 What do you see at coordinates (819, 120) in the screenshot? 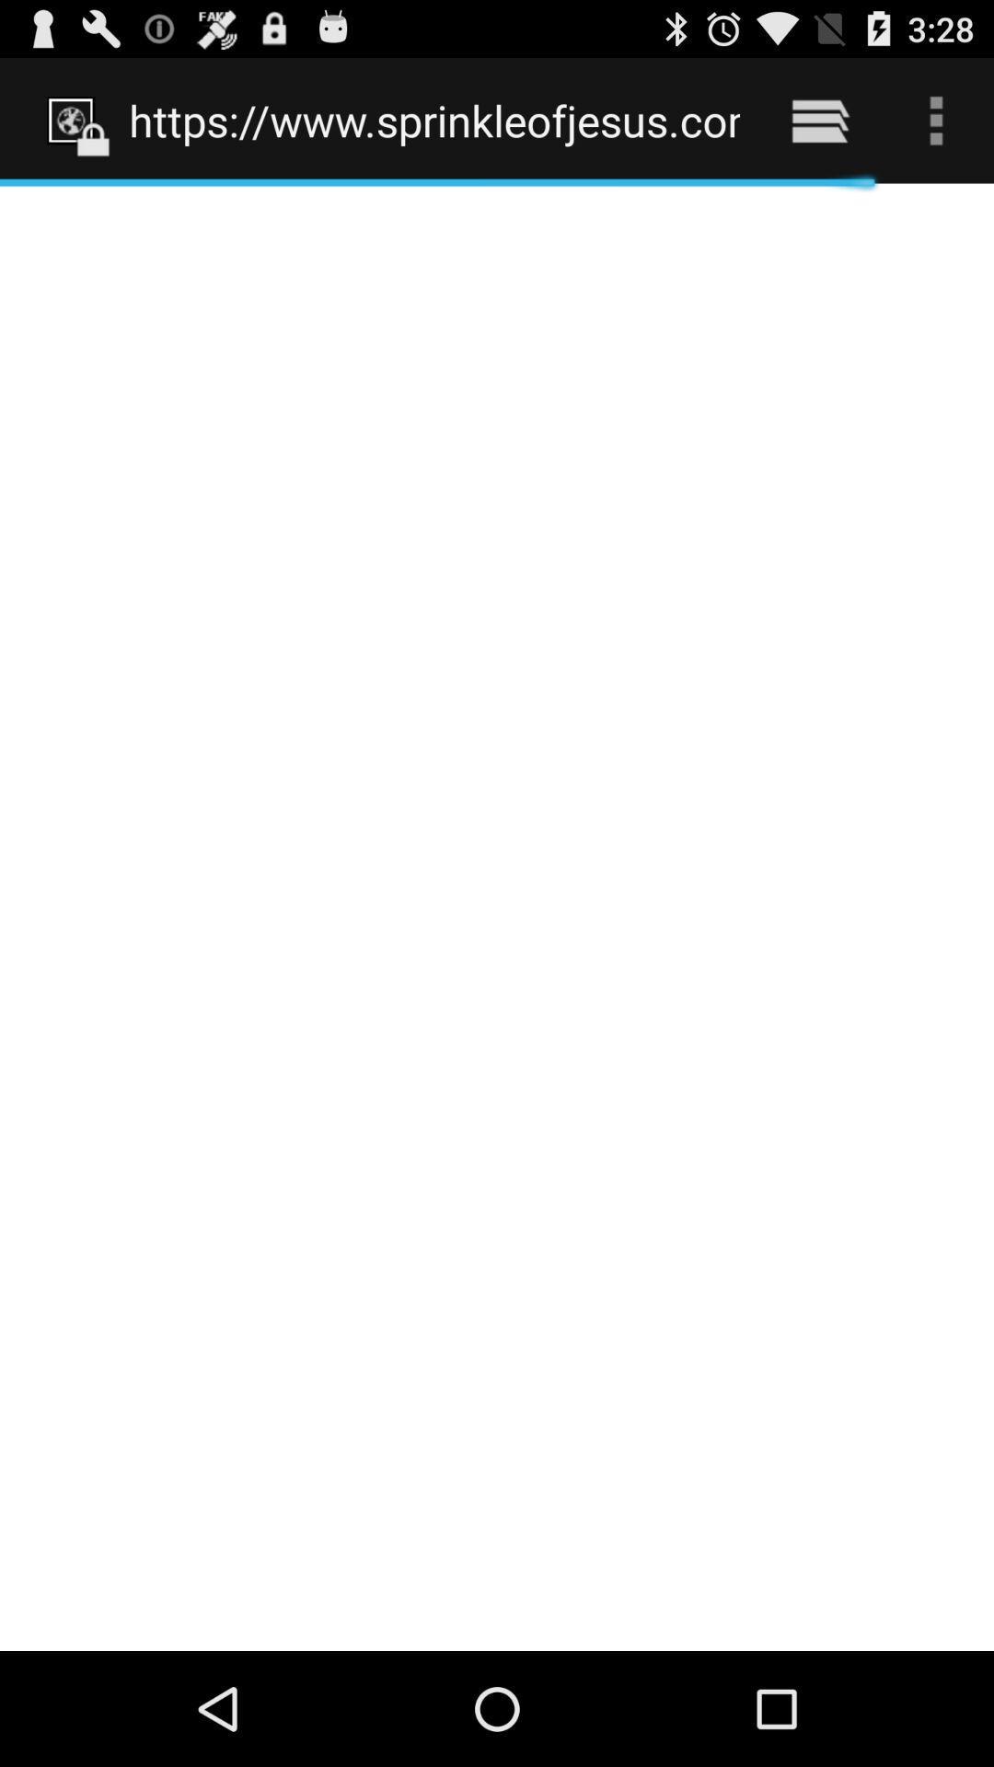
I see `the icon to the right of https www sprinkleofjesus icon` at bounding box center [819, 120].